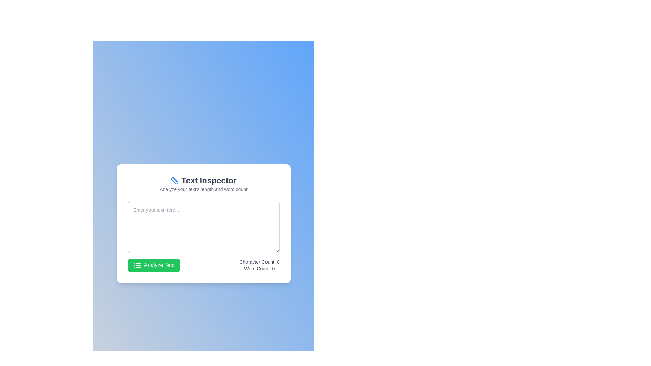 The image size is (651, 366). What do you see at coordinates (203, 189) in the screenshot?
I see `the text label displaying 'Analyze your text's length and word count', which is located below the 'Text Inspector' heading in the center of the application interface` at bounding box center [203, 189].